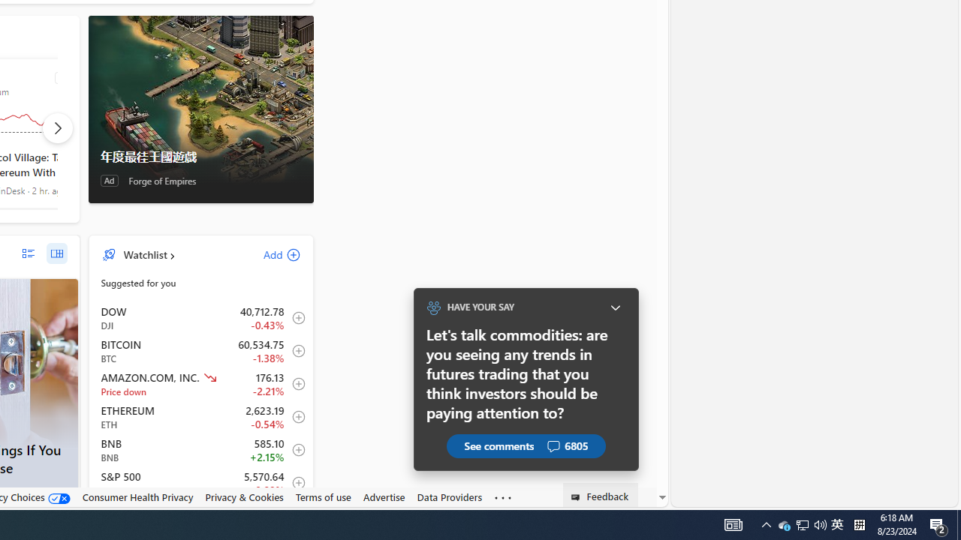 This screenshot has height=540, width=961. I want to click on 'Add to Watchlist', so click(294, 483).